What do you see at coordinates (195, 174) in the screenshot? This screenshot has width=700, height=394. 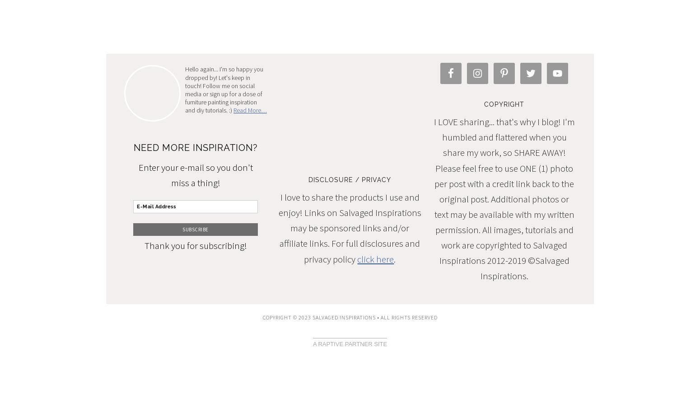 I see `'Enter your e-mail so you don't miss a thing!'` at bounding box center [195, 174].